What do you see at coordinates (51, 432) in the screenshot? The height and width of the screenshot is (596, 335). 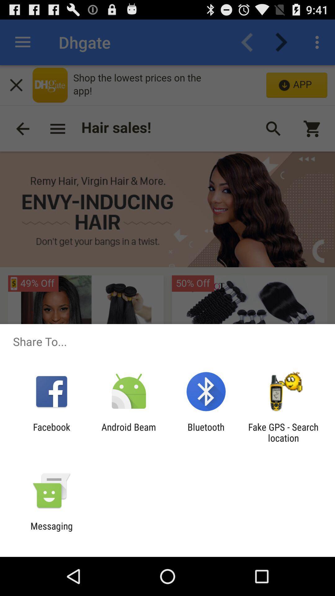 I see `the facebook icon` at bounding box center [51, 432].